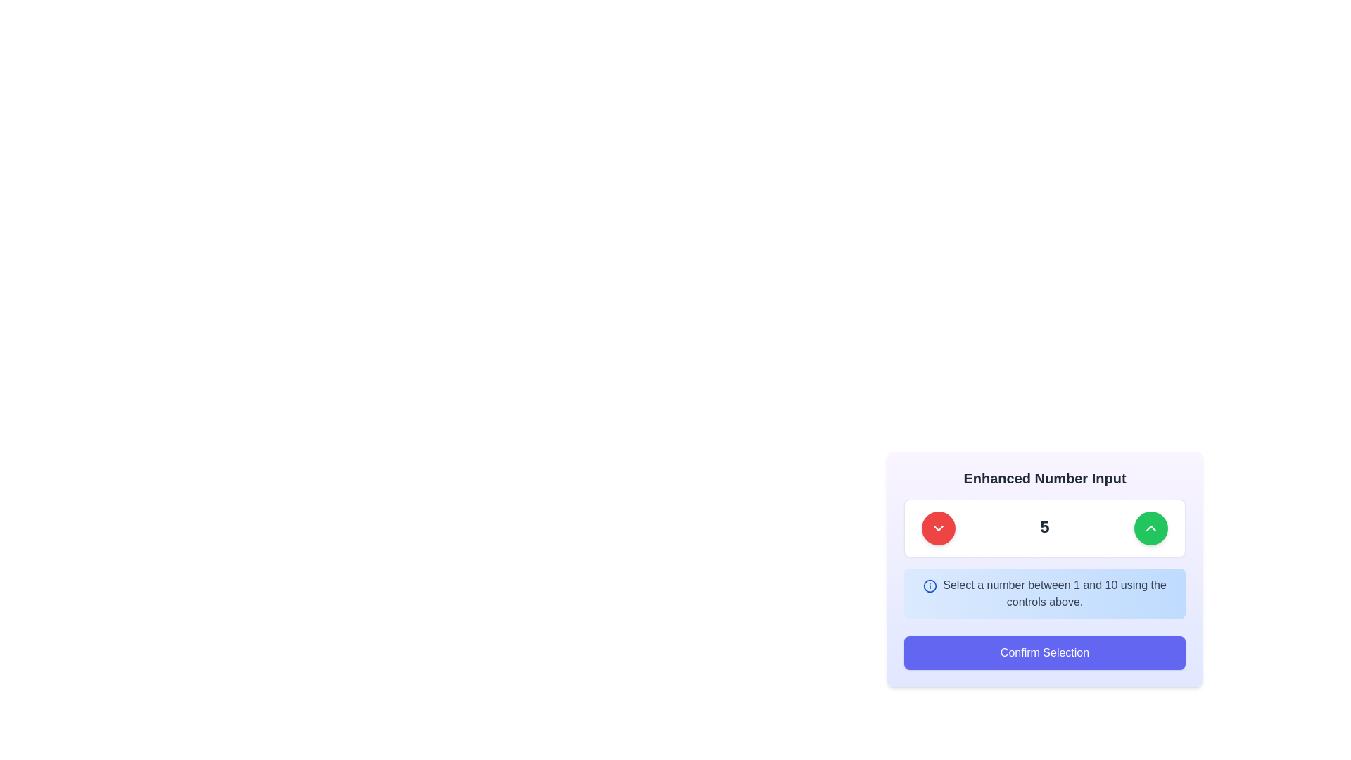 Image resolution: width=1351 pixels, height=760 pixels. Describe the element at coordinates (1151, 528) in the screenshot. I see `the increment button located to the right of the number '5' in the numeric input interface` at that location.